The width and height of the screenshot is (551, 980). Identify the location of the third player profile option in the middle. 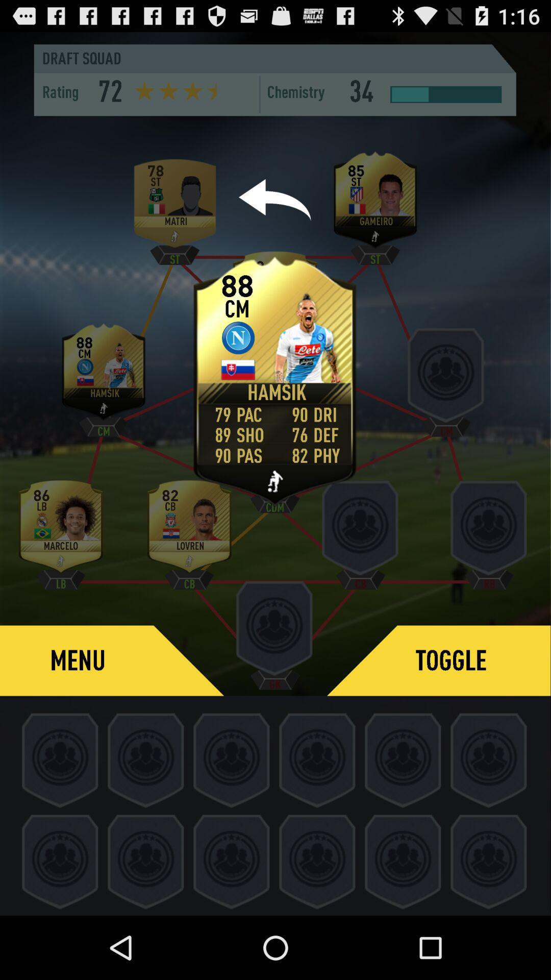
(446, 377).